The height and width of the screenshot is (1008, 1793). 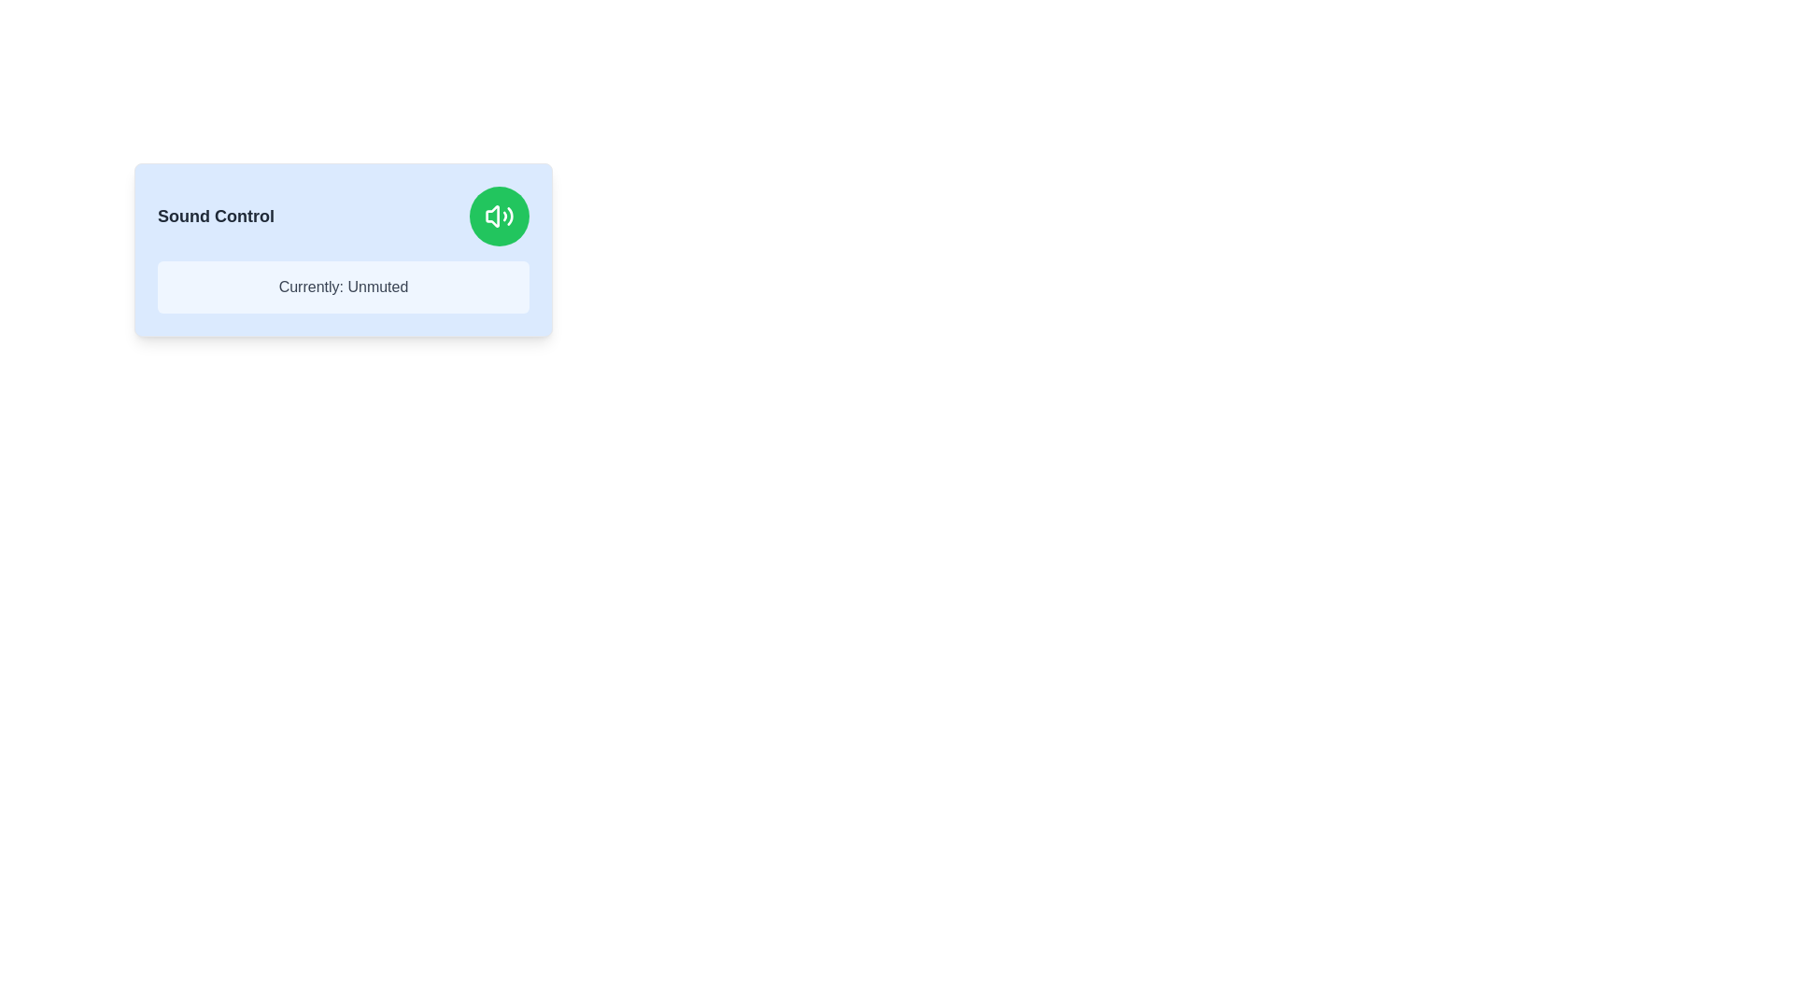 I want to click on the volume icon within the circular green button on the right side of the 'Sound Control' card, so click(x=499, y=215).